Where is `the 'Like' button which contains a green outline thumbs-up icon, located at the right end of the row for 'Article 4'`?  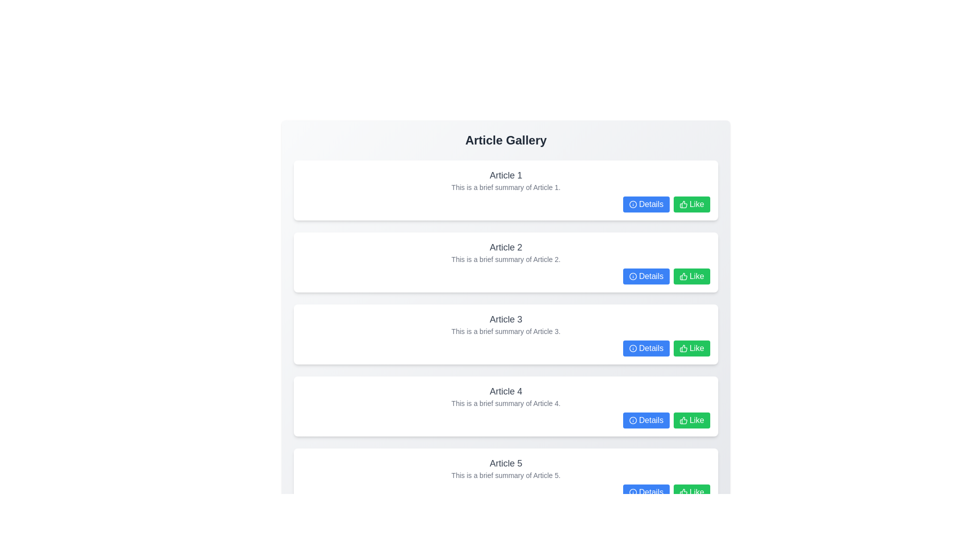 the 'Like' button which contains a green outline thumbs-up icon, located at the right end of the row for 'Article 4' is located at coordinates (683, 420).